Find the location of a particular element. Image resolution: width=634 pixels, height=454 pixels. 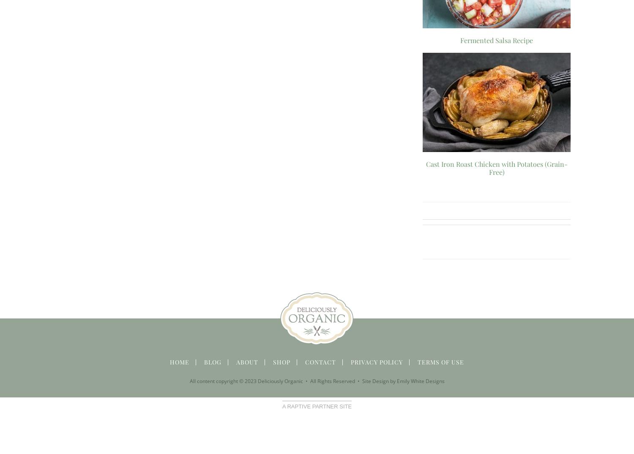

'Emily White Designs' is located at coordinates (396, 380).